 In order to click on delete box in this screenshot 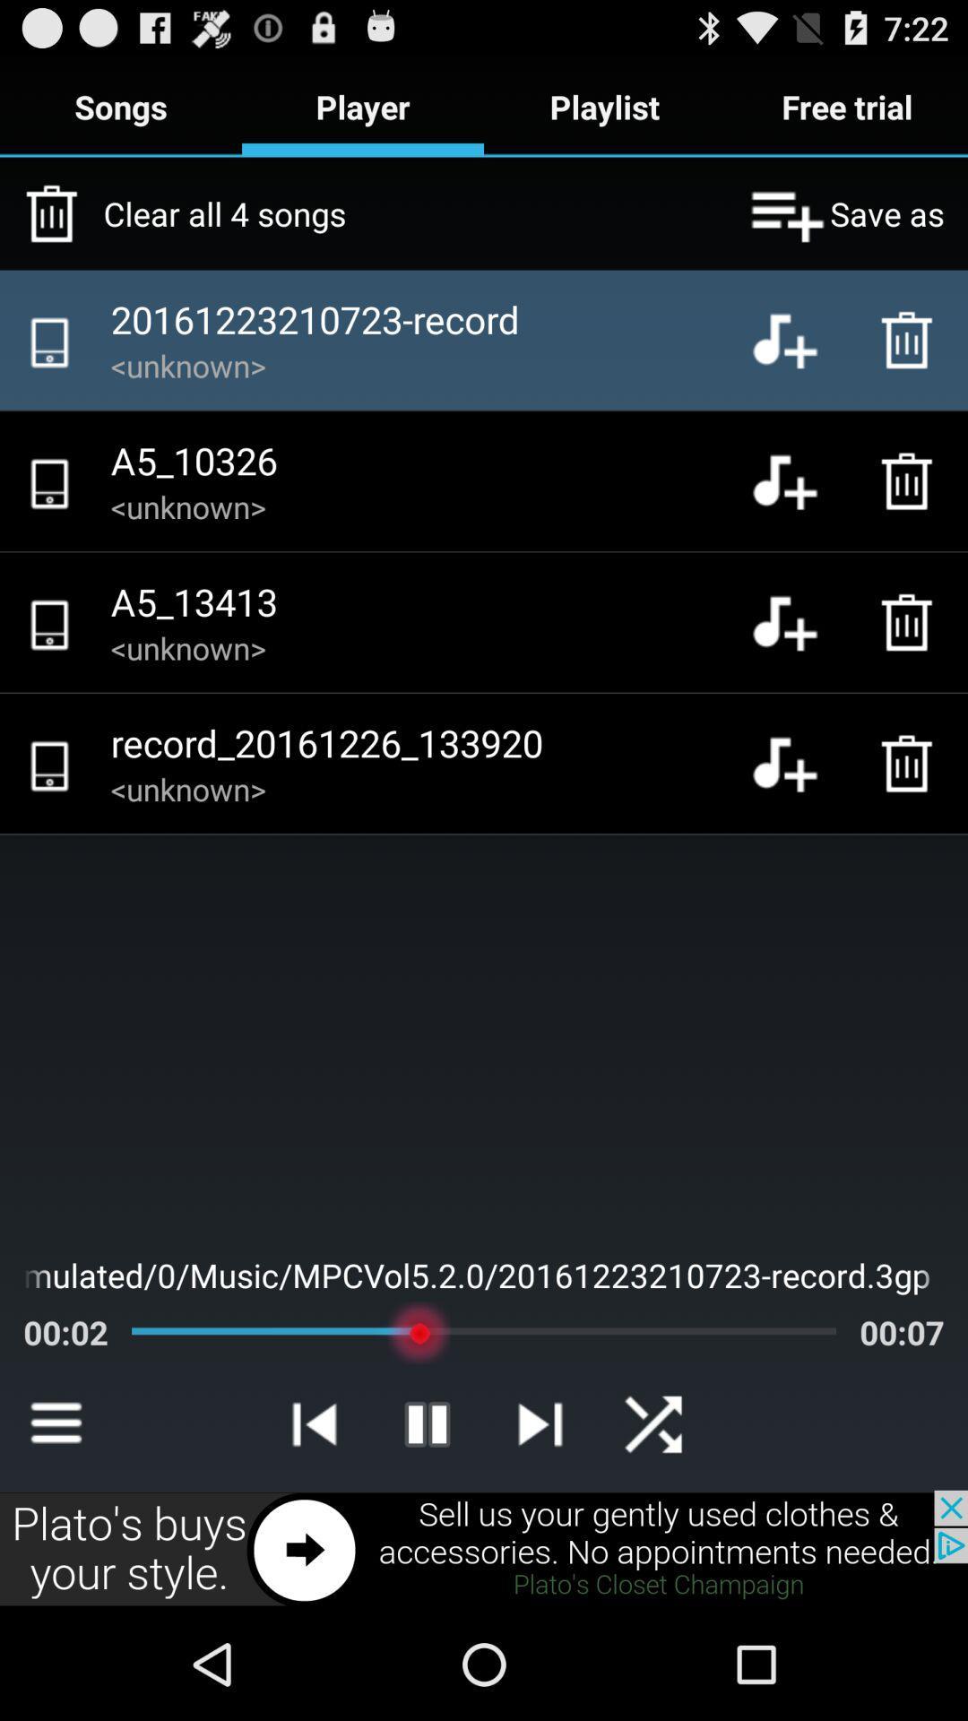, I will do `click(912, 763)`.